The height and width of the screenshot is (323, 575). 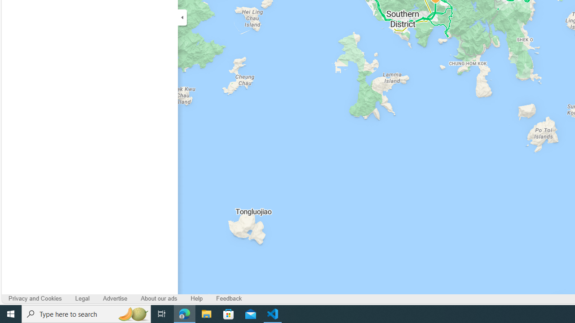 I want to click on 'About our ads', so click(x=159, y=298).